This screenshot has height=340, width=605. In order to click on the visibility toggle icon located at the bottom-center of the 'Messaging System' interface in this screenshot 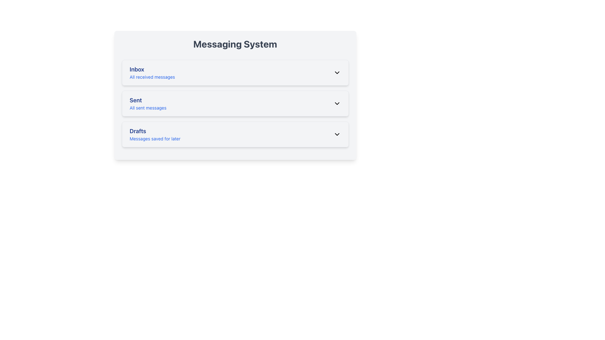, I will do `click(337, 103)`.